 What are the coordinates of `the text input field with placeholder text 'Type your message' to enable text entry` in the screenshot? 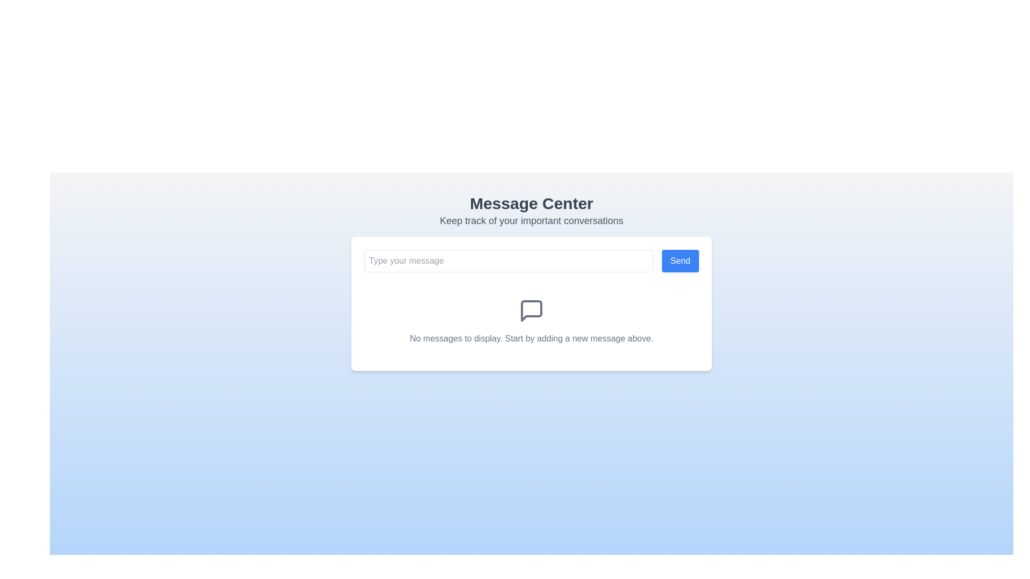 It's located at (508, 261).